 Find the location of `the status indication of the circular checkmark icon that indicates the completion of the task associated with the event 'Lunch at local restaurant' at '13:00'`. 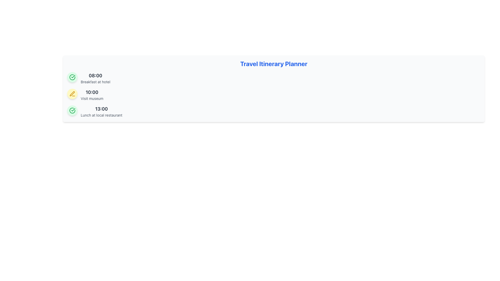

the status indication of the circular checkmark icon that indicates the completion of the task associated with the event 'Lunch at local restaurant' at '13:00' is located at coordinates (72, 77).